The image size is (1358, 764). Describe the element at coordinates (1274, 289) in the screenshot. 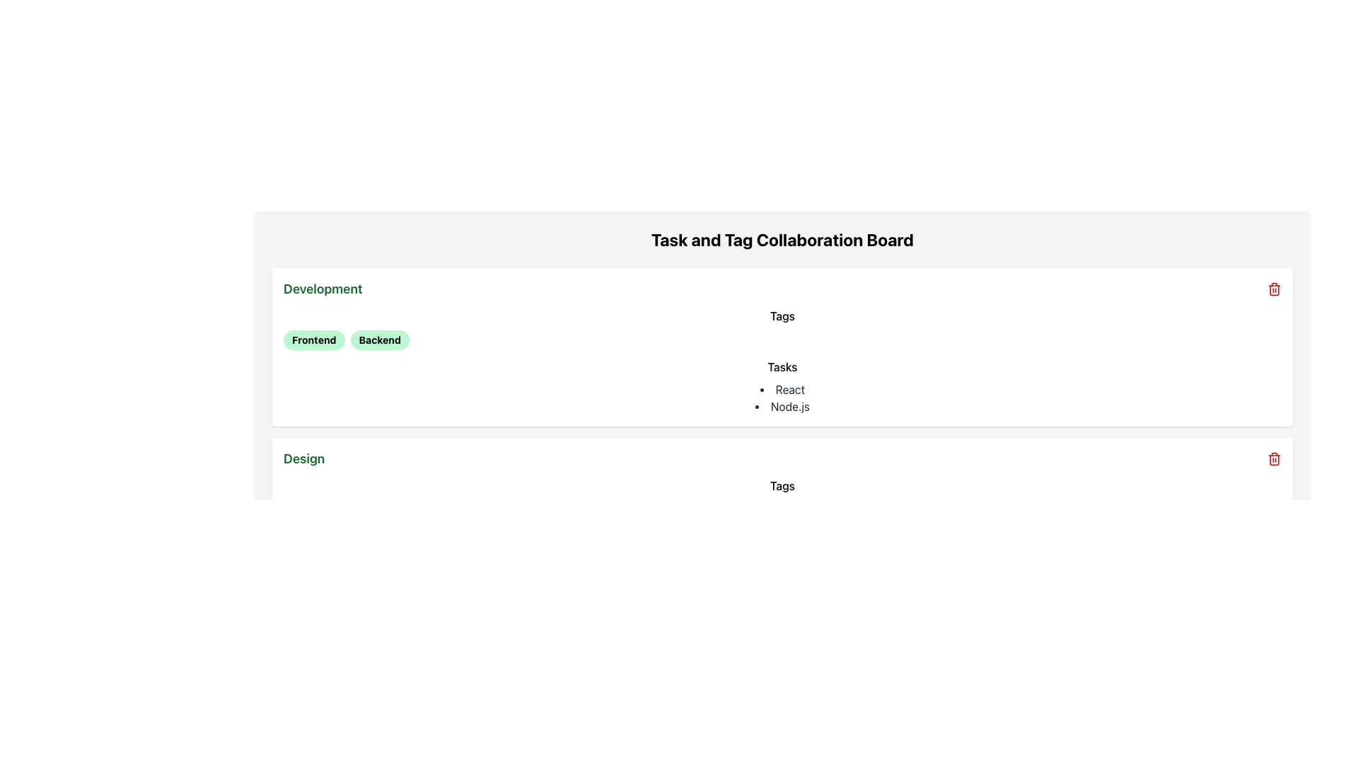

I see `the trash can icon located at the far right of the task category section headers` at that location.